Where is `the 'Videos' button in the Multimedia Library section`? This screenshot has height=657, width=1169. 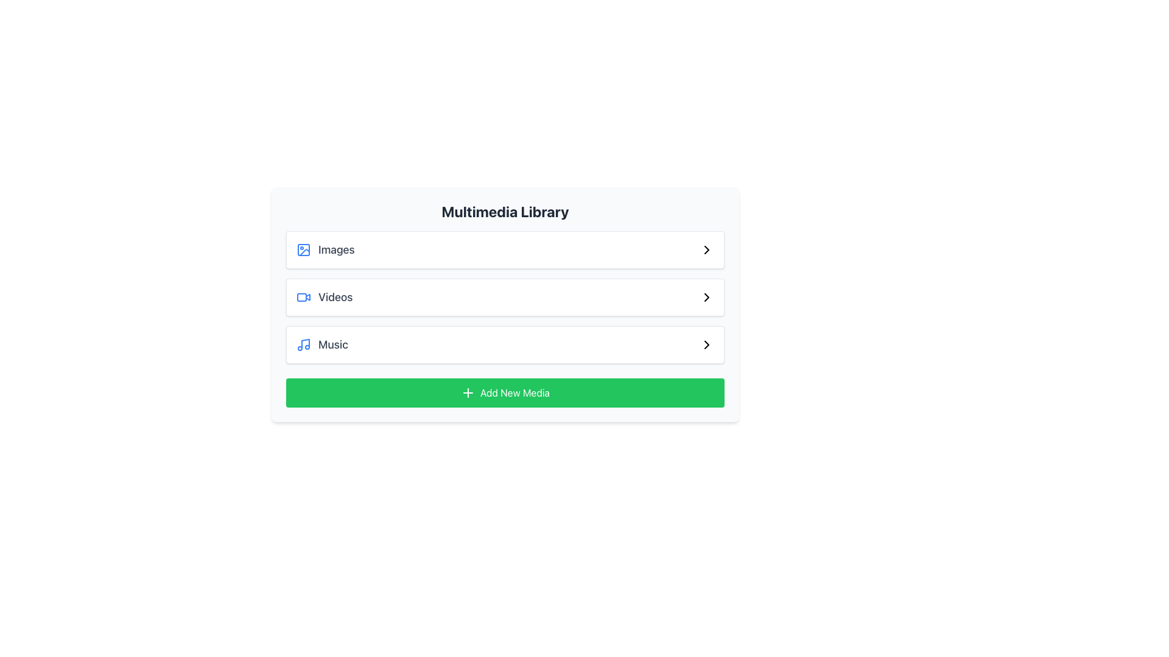 the 'Videos' button in the Multimedia Library section is located at coordinates (505, 297).